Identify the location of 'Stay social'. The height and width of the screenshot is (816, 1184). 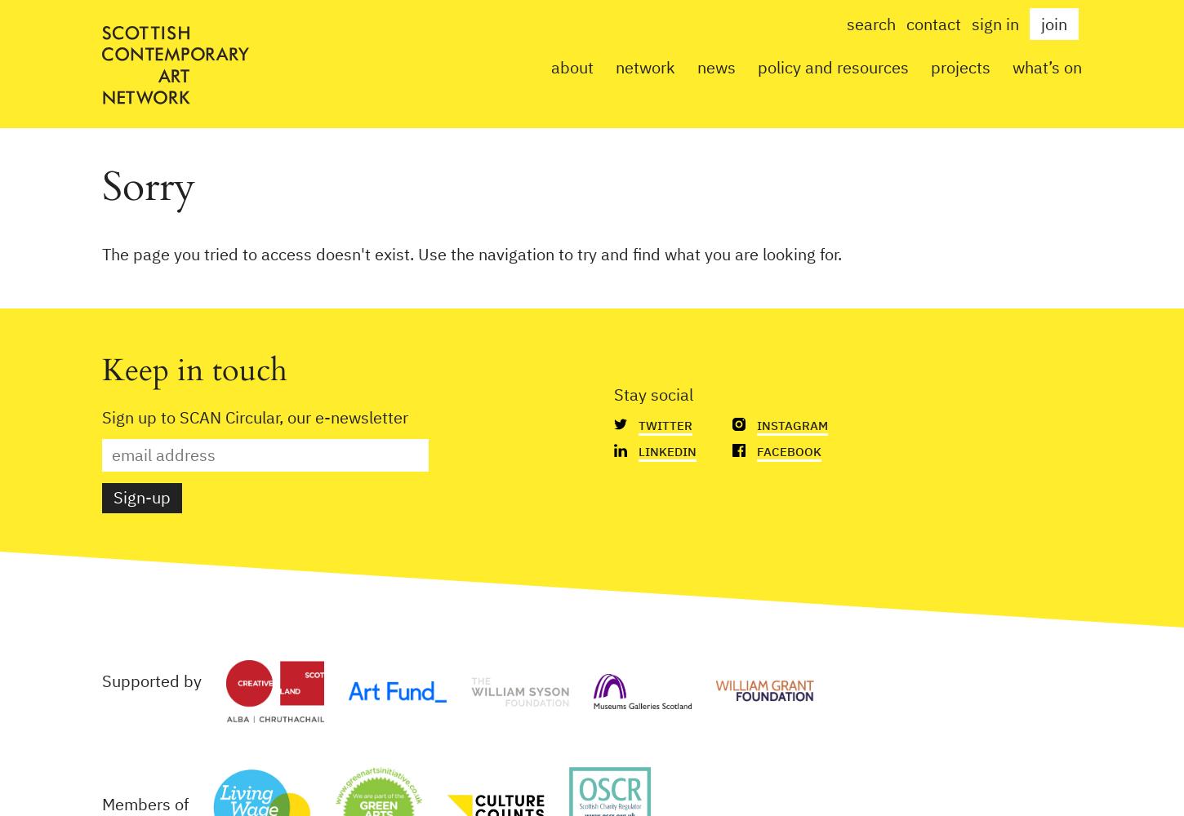
(613, 393).